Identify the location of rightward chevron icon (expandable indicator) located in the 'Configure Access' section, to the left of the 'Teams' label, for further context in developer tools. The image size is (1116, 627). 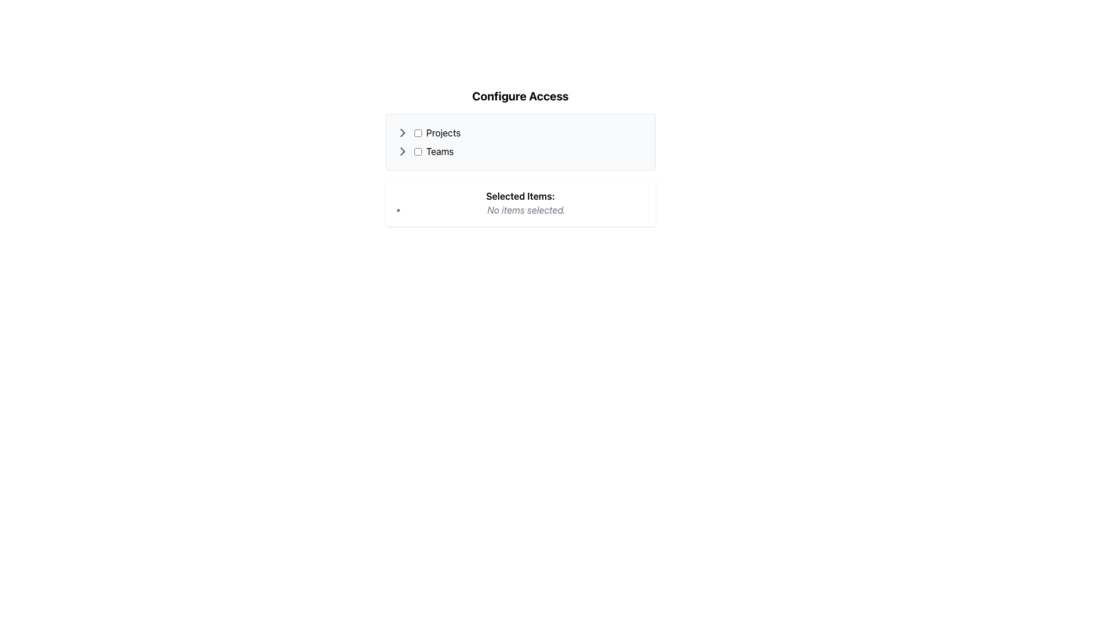
(402, 132).